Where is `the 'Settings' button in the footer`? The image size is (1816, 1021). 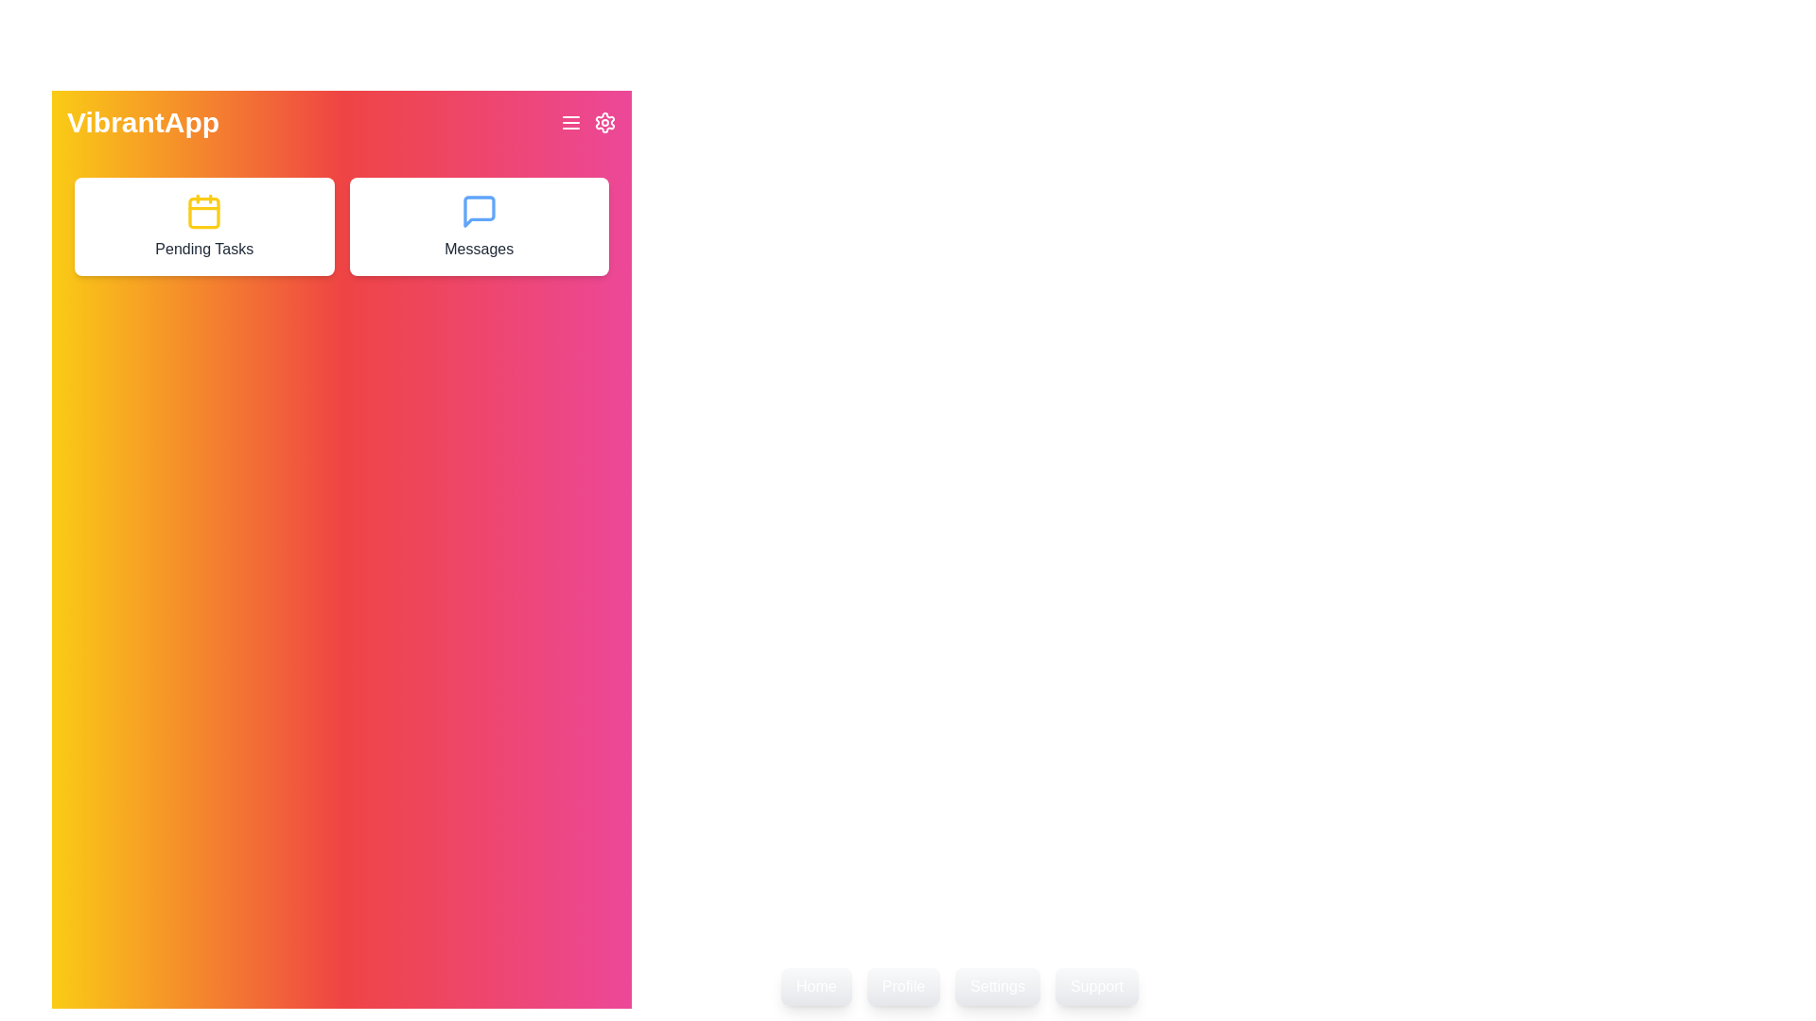 the 'Settings' button in the footer is located at coordinates (997, 986).